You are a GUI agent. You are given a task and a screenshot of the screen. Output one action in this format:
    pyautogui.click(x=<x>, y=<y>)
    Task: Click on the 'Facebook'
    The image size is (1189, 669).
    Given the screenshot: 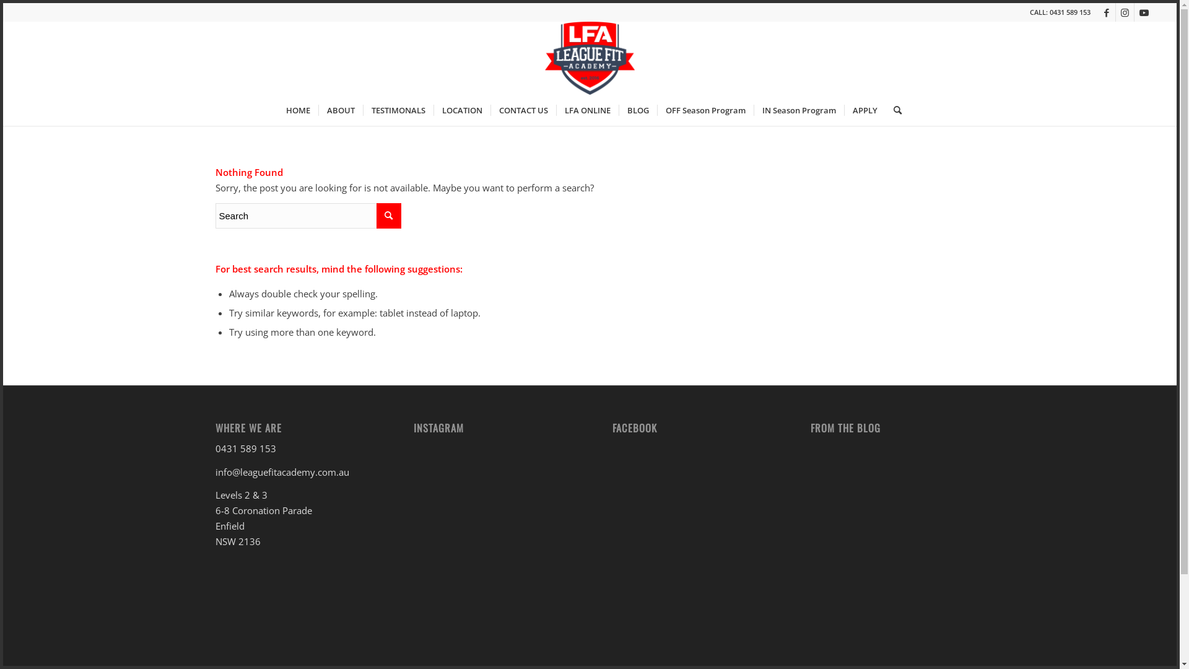 What is the action you would take?
    pyautogui.click(x=1097, y=12)
    